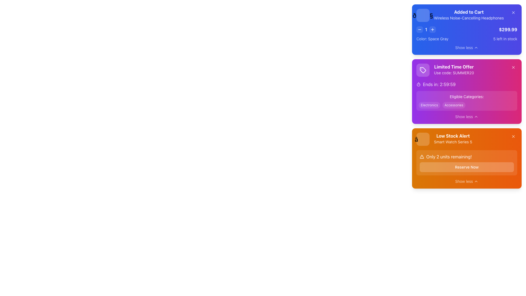 This screenshot has height=296, width=526. What do you see at coordinates (432, 30) in the screenshot?
I see `the icon button located in the blue 'Added to Cart' section to increase the quantity of the selected item in the cart` at bounding box center [432, 30].